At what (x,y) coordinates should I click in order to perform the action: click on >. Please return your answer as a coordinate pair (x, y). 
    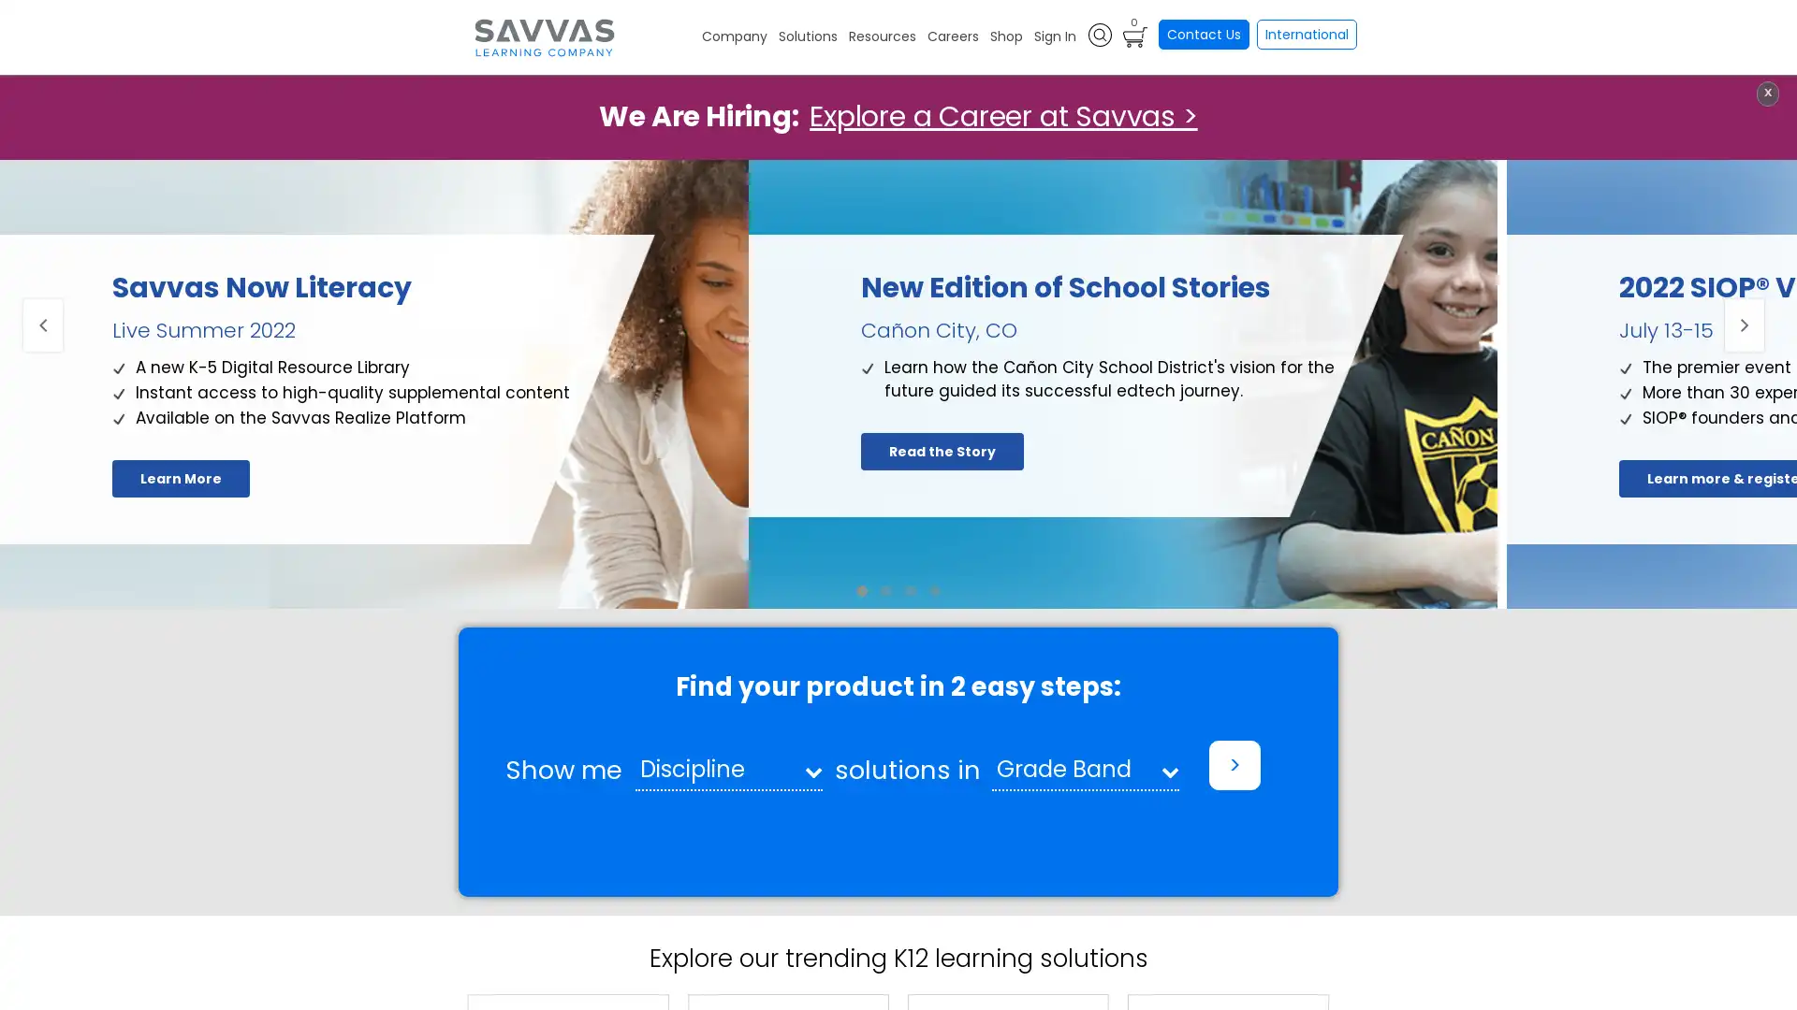
    Looking at the image, I should click on (1235, 765).